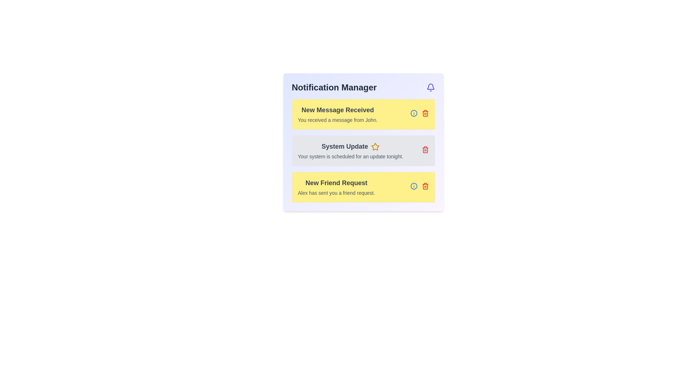 Image resolution: width=687 pixels, height=386 pixels. What do you see at coordinates (336, 193) in the screenshot?
I see `notification message displayed in the text label informing the user about a friend request from Alex, located below the 'New Friend Request' header in the third notification card of the 'Notification Manager'` at bounding box center [336, 193].